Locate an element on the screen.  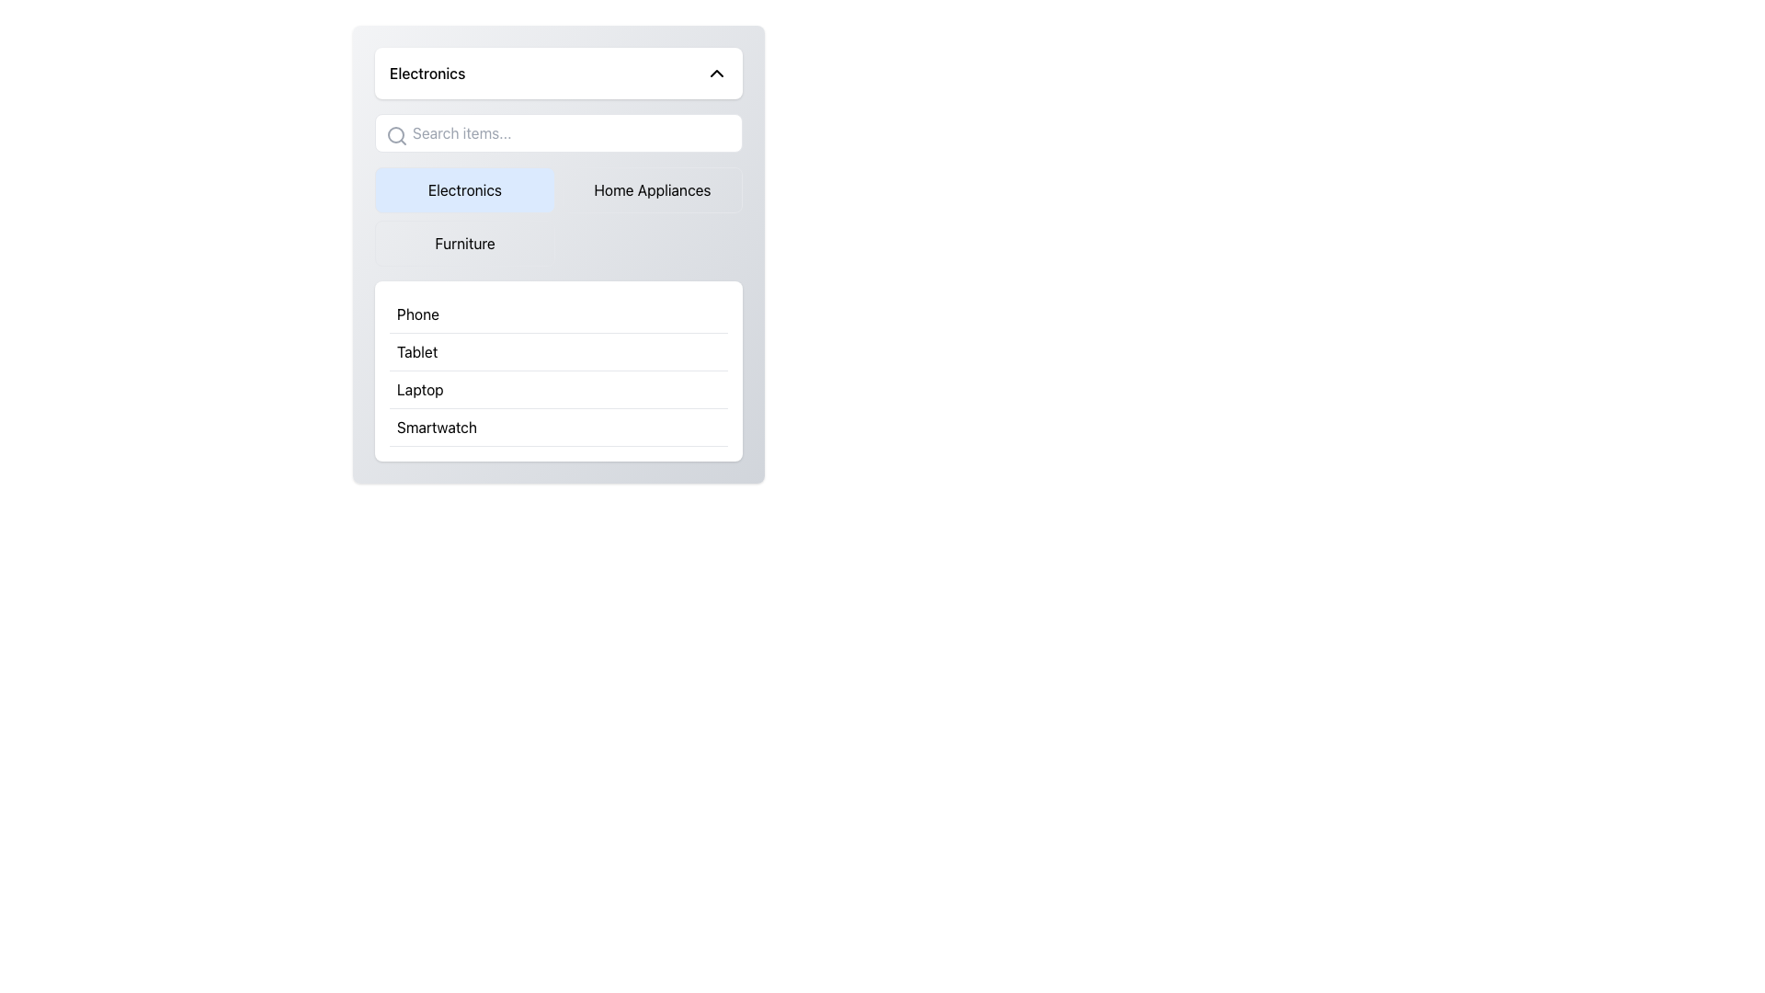
the 'Furniture' button, which is a rectangular button with a light background and black text, located in the bottom-left section of a grid layout, directly below the 'Electronics' button is located at coordinates (464, 243).